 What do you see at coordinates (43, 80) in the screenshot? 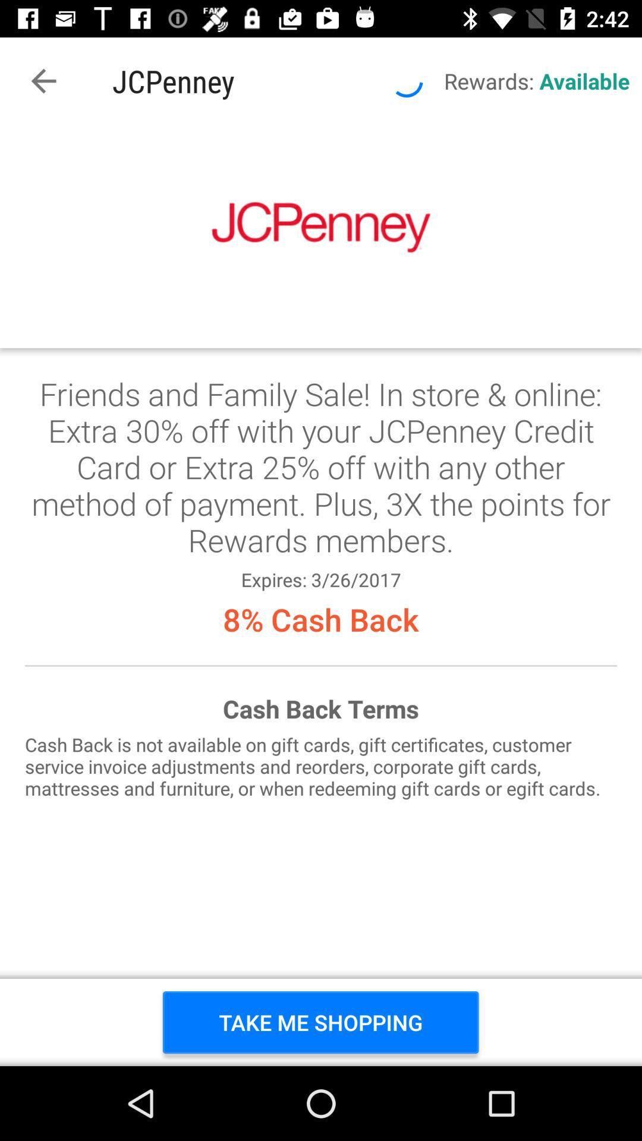
I see `the item next to jcpenney app` at bounding box center [43, 80].